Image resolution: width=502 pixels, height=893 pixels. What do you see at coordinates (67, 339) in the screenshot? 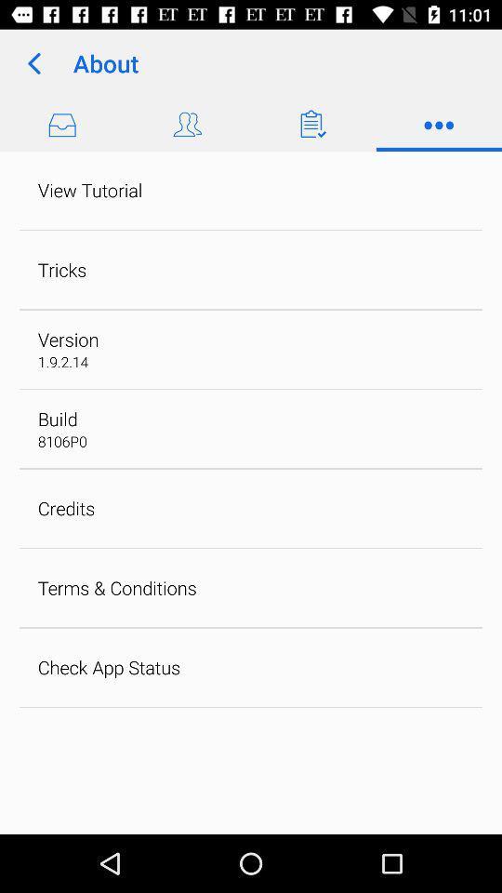
I see `the app above 1 9 2 app` at bounding box center [67, 339].